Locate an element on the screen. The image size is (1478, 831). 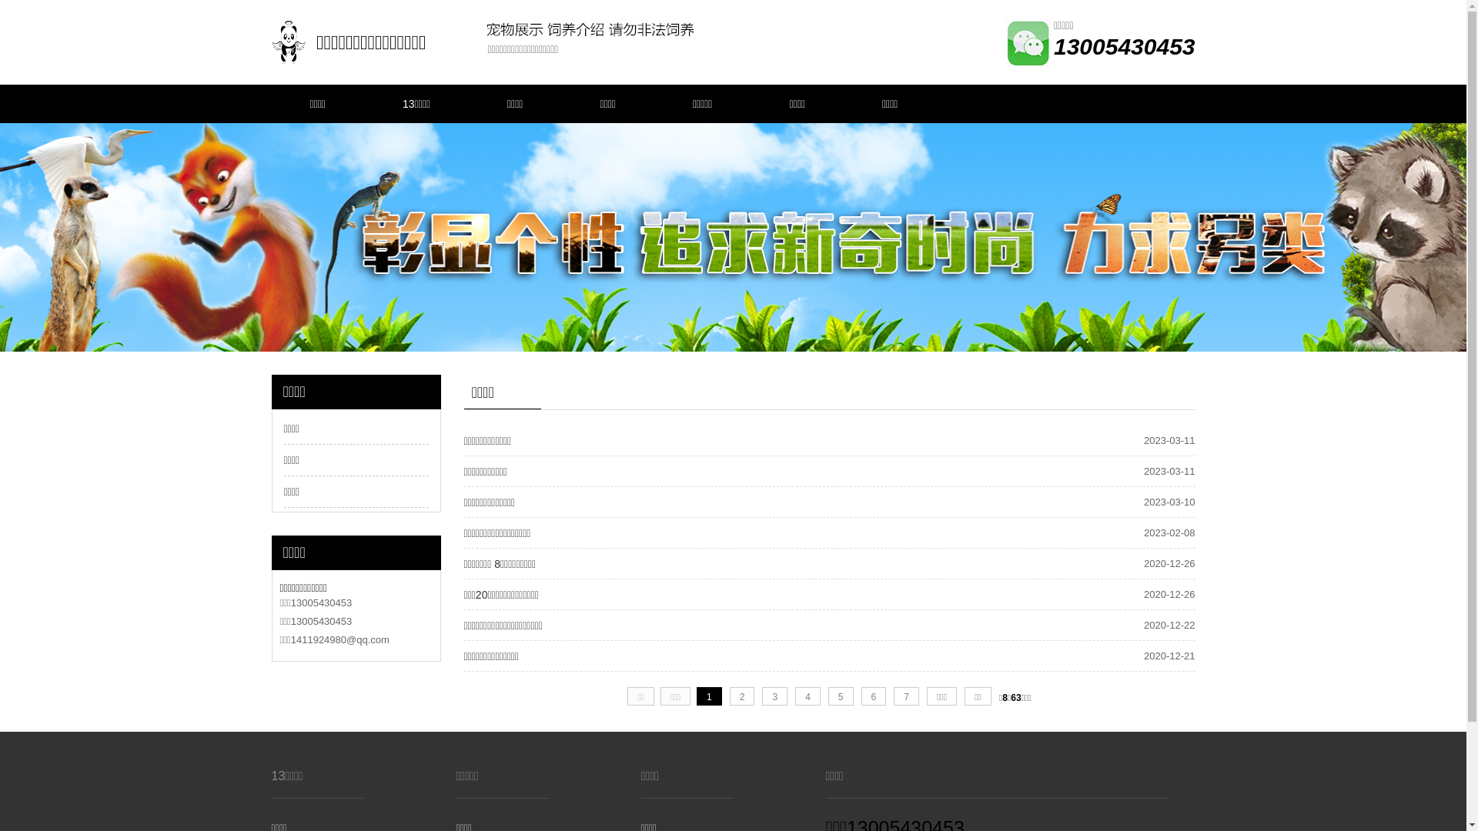
'5' is located at coordinates (840, 696).